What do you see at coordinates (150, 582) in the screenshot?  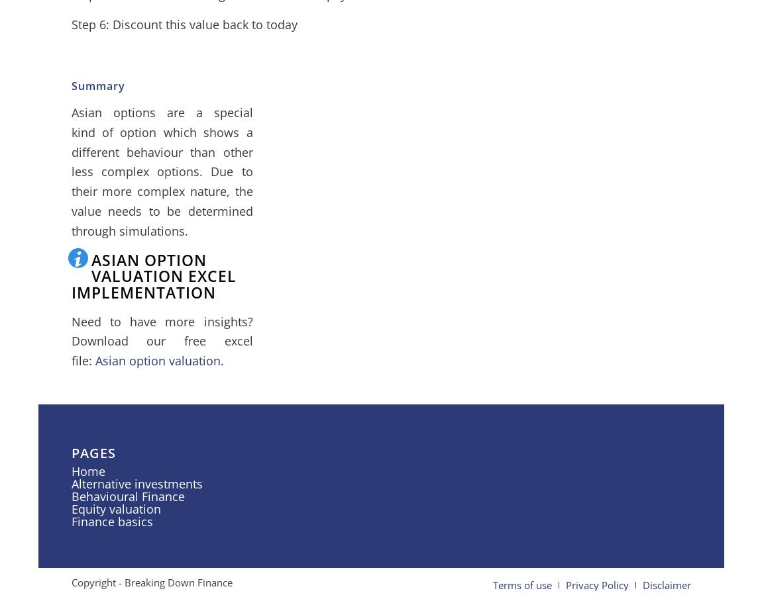 I see `'Copyright - Breaking Down Finance'` at bounding box center [150, 582].